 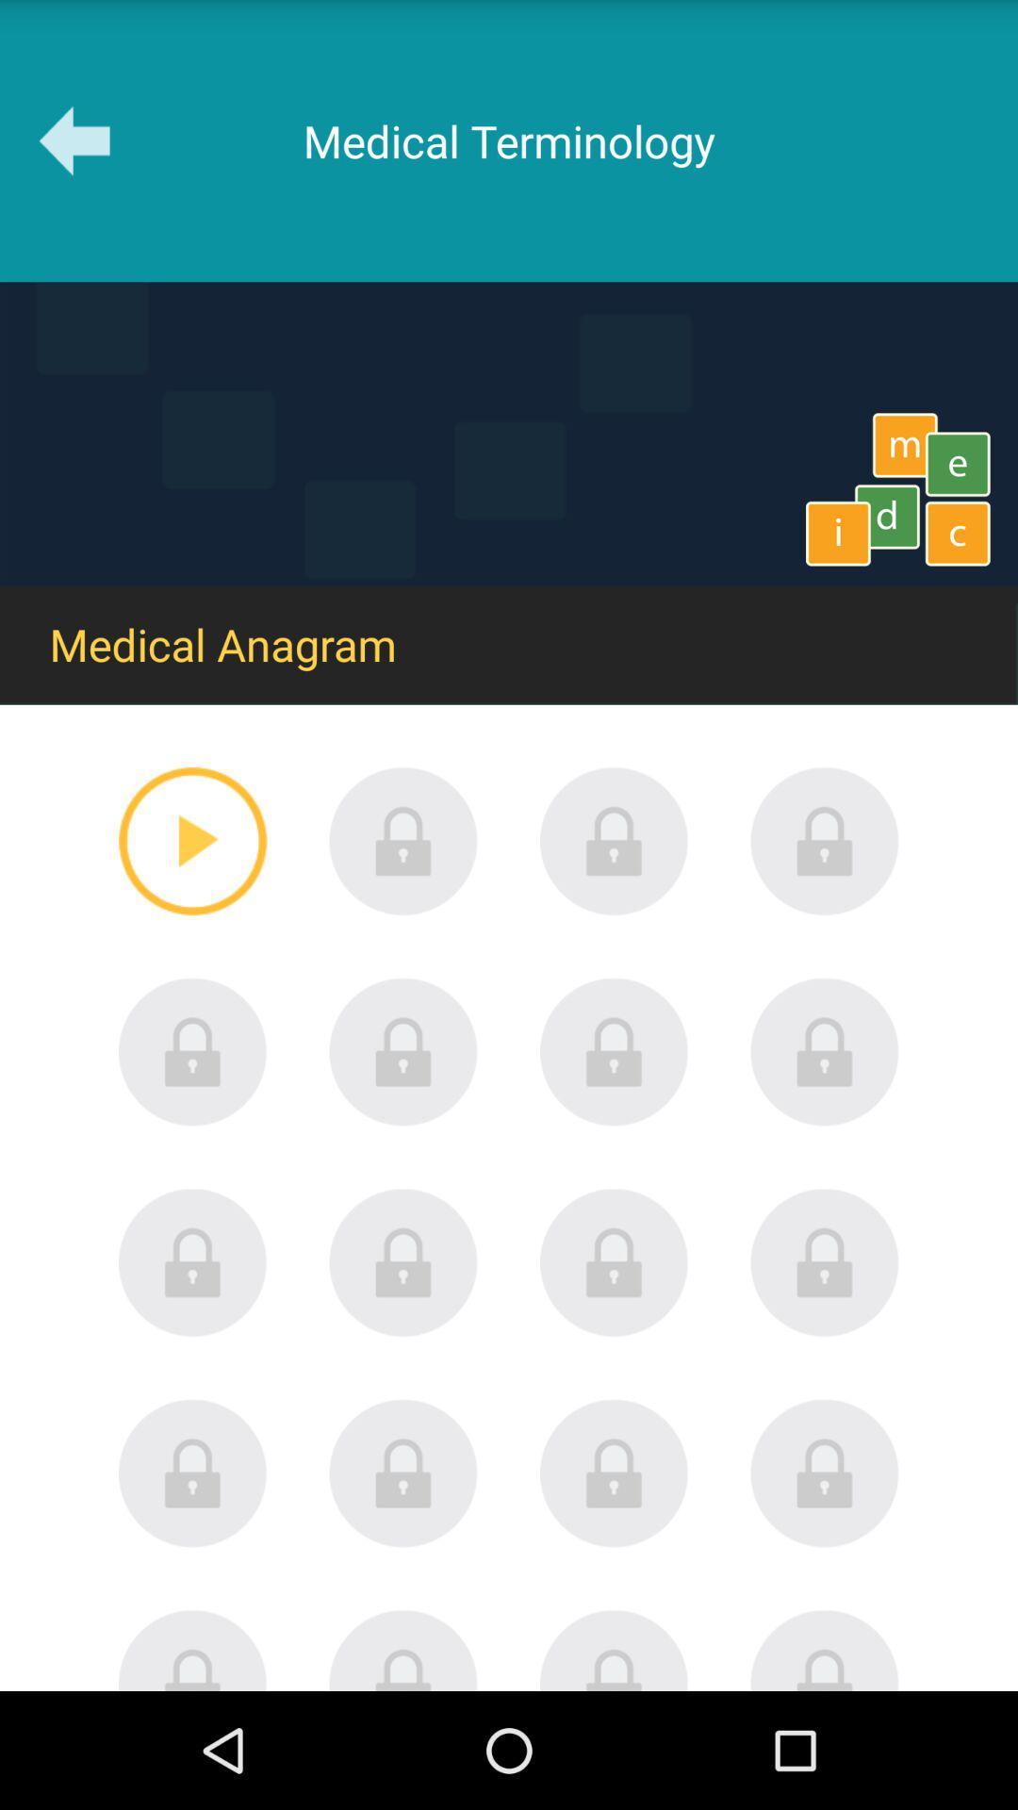 I want to click on password, so click(x=192, y=1051).